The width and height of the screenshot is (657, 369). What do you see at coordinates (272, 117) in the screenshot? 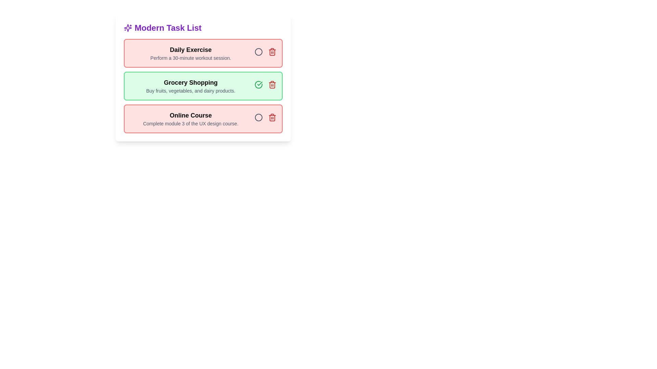
I see `delete button for the task titled 'Online Course'` at bounding box center [272, 117].